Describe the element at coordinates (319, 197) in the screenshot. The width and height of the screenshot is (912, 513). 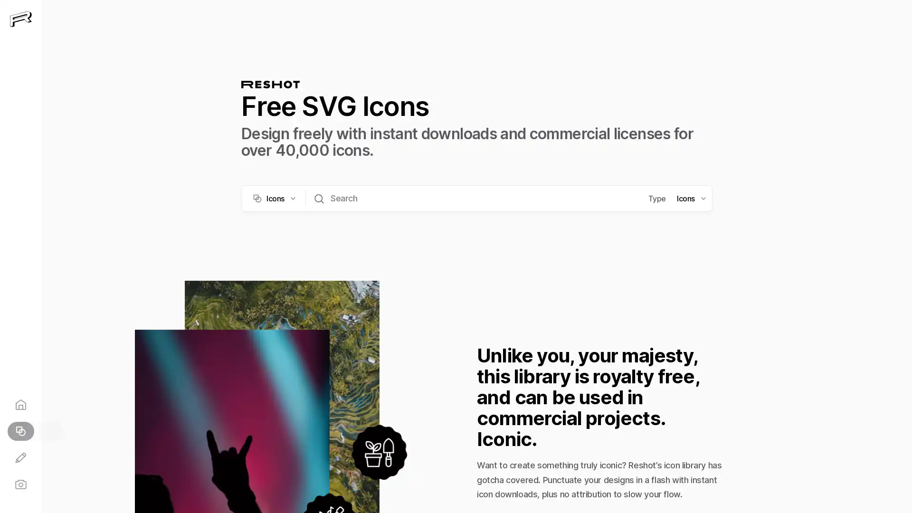
I see `Search` at that location.